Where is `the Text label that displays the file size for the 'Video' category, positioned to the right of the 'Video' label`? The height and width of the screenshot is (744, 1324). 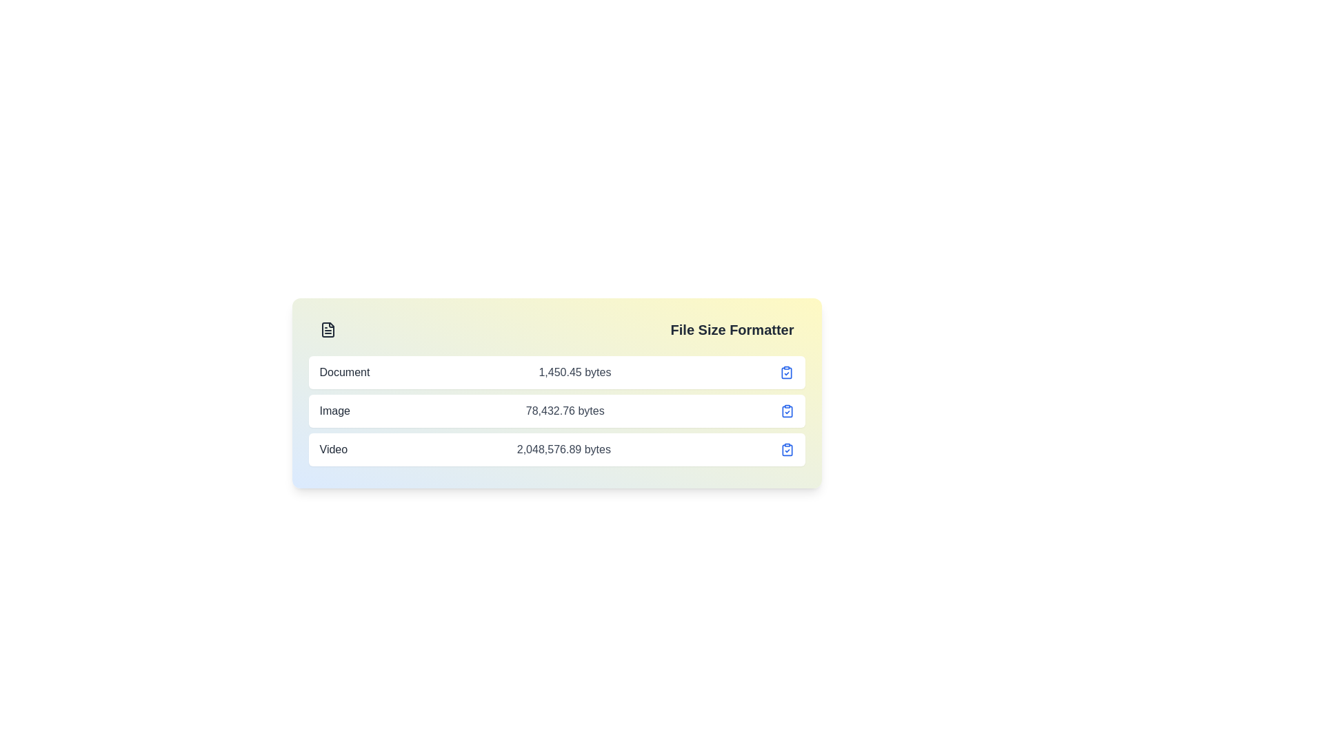
the Text label that displays the file size for the 'Video' category, positioned to the right of the 'Video' label is located at coordinates (563, 449).